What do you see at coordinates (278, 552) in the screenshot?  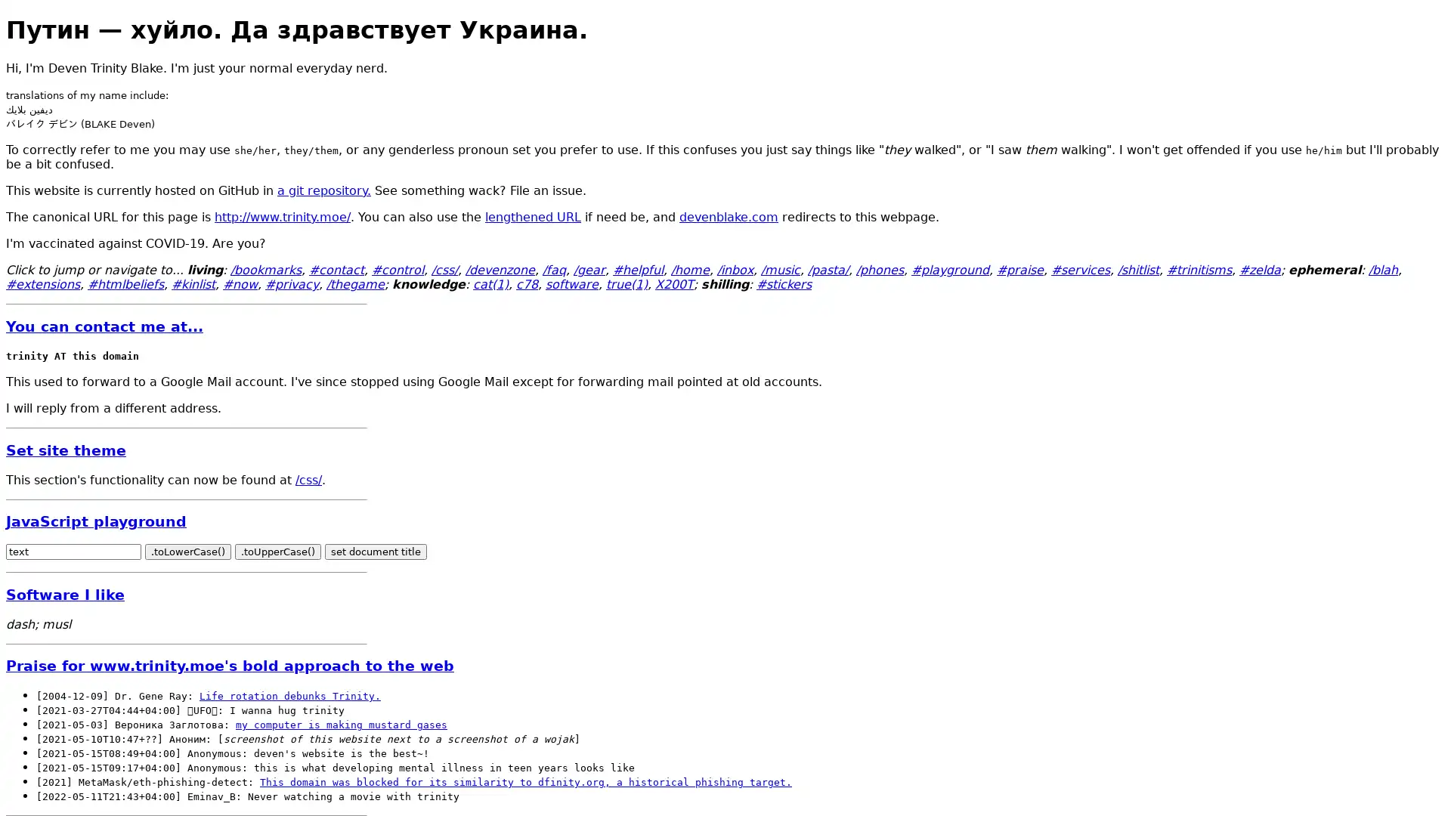 I see `.toUpperCase()` at bounding box center [278, 552].